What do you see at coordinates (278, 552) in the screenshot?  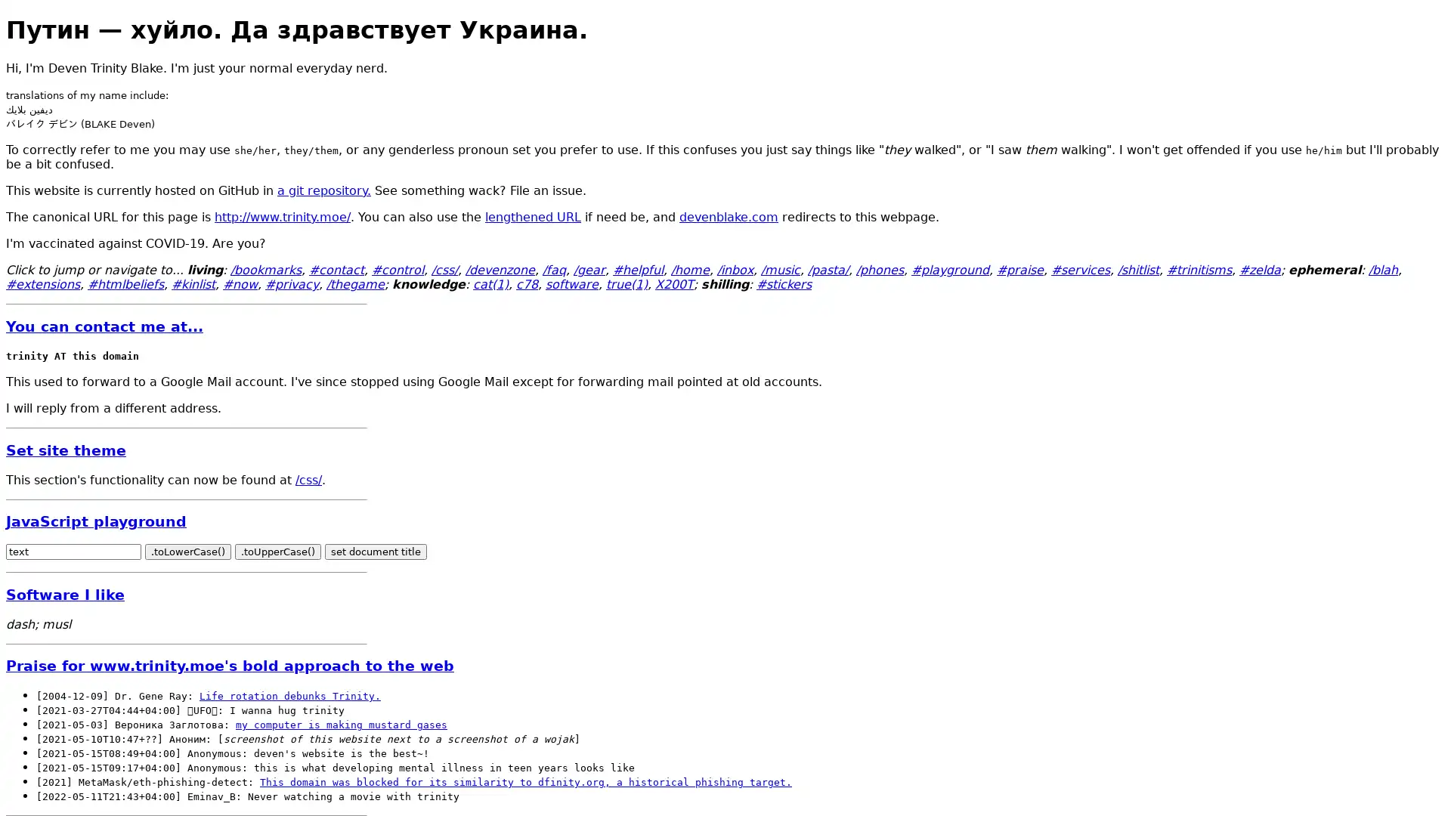 I see `.toUpperCase()` at bounding box center [278, 552].